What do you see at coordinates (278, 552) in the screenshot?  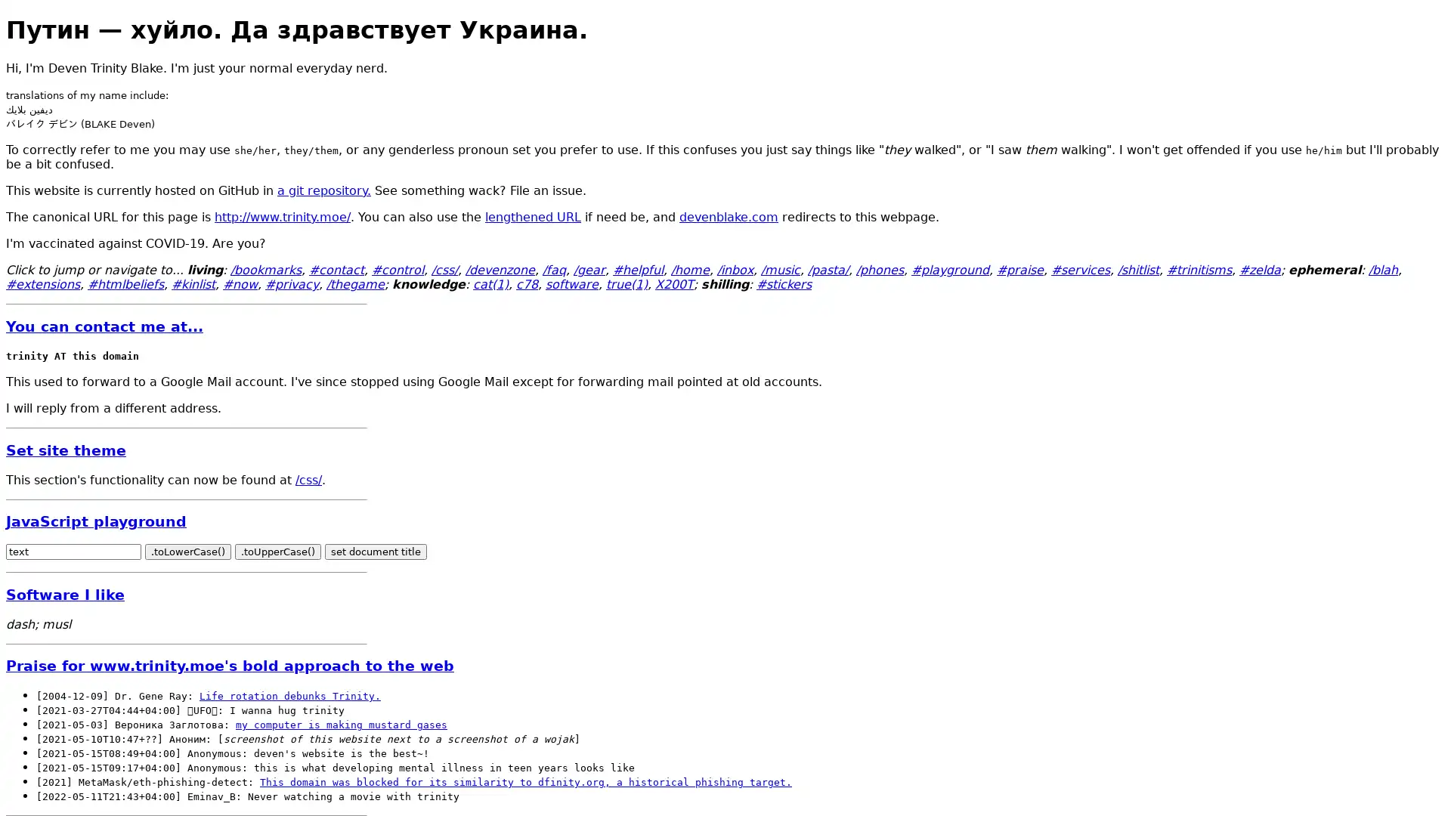 I see `.toUpperCase()` at bounding box center [278, 552].